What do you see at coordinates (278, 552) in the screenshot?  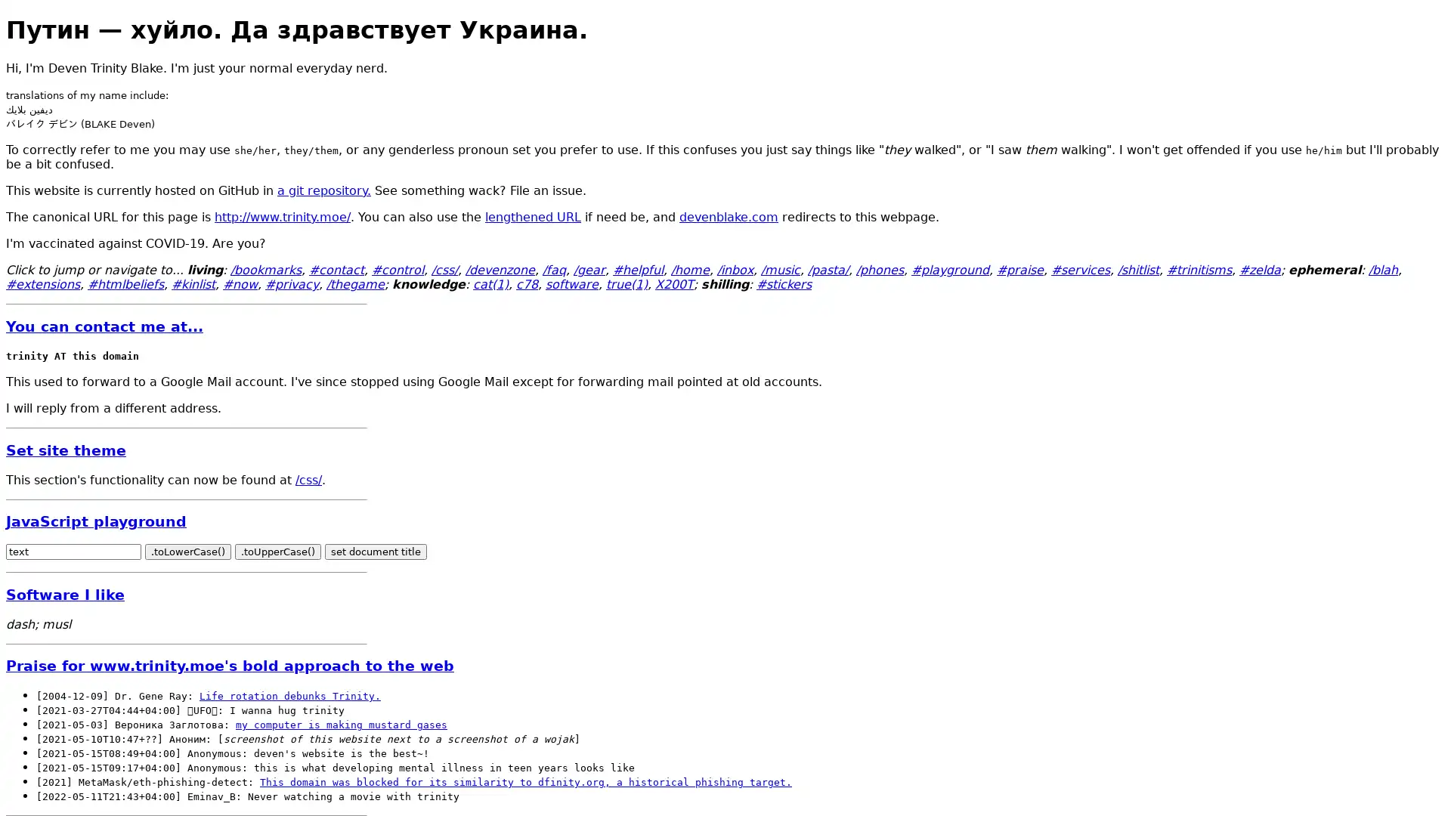 I see `.toUpperCase()` at bounding box center [278, 552].